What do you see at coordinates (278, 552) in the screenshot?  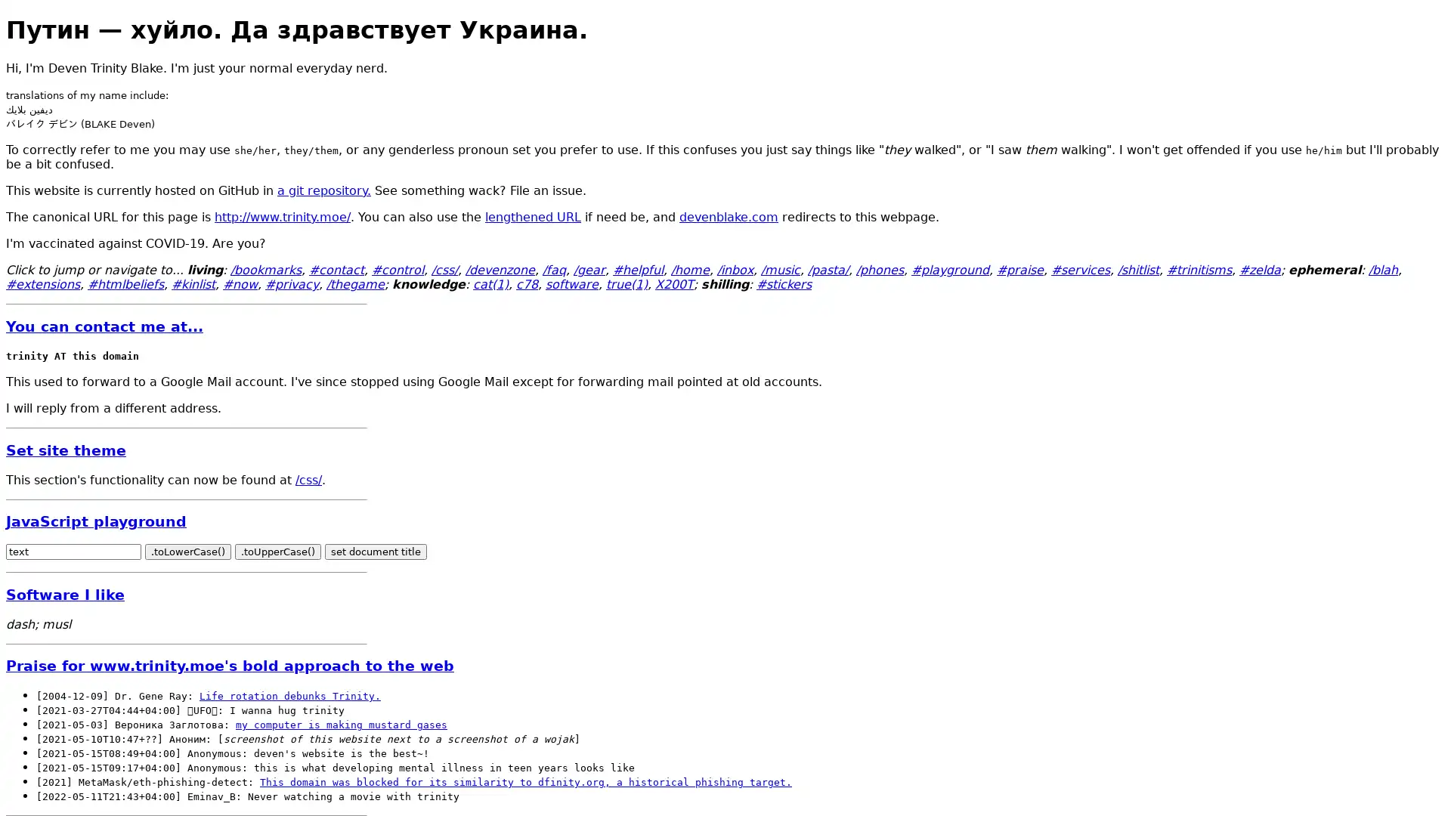 I see `.toUpperCase()` at bounding box center [278, 552].